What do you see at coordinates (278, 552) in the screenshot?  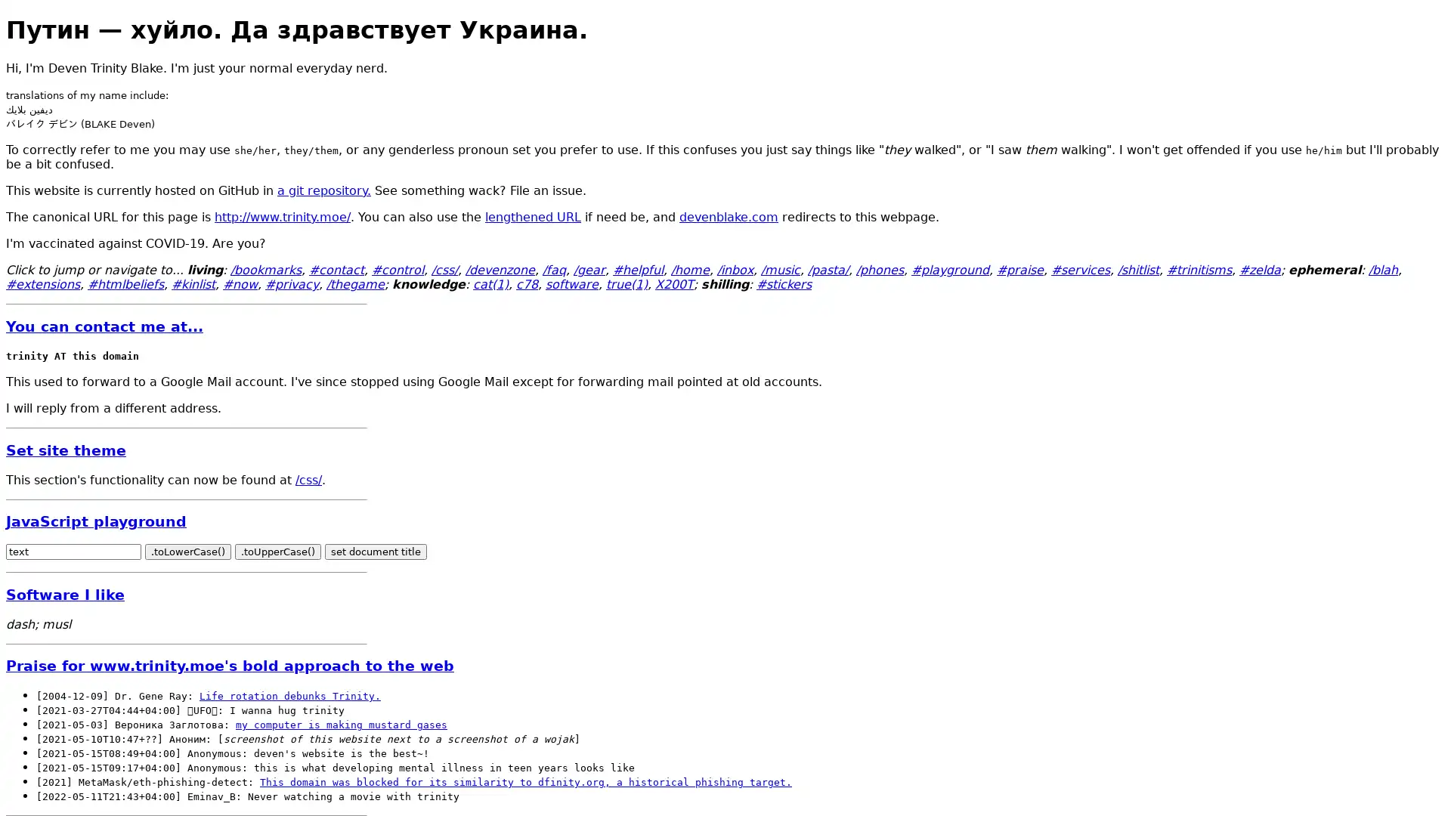 I see `.toUpperCase()` at bounding box center [278, 552].